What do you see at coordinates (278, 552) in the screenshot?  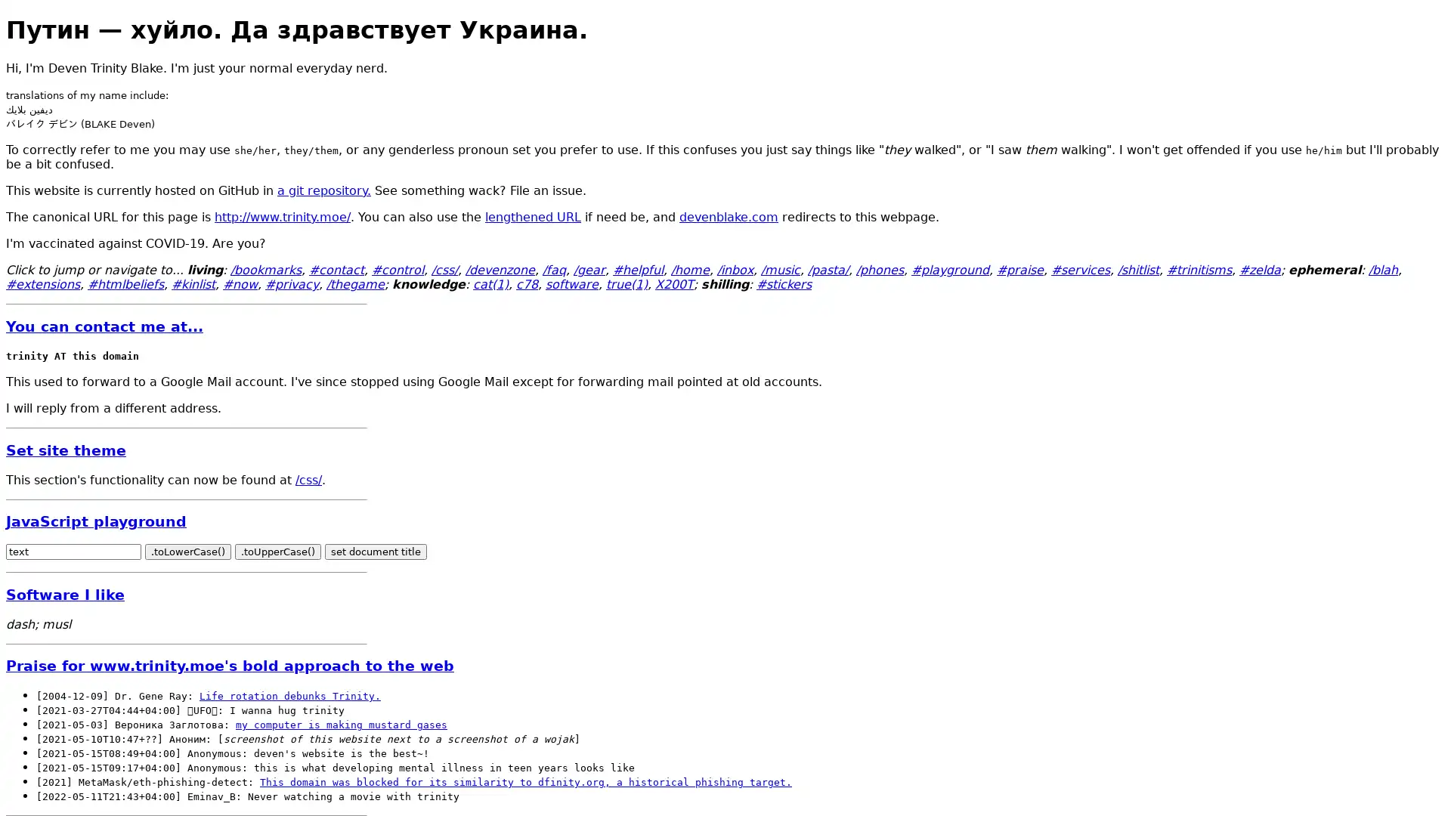 I see `.toUpperCase()` at bounding box center [278, 552].